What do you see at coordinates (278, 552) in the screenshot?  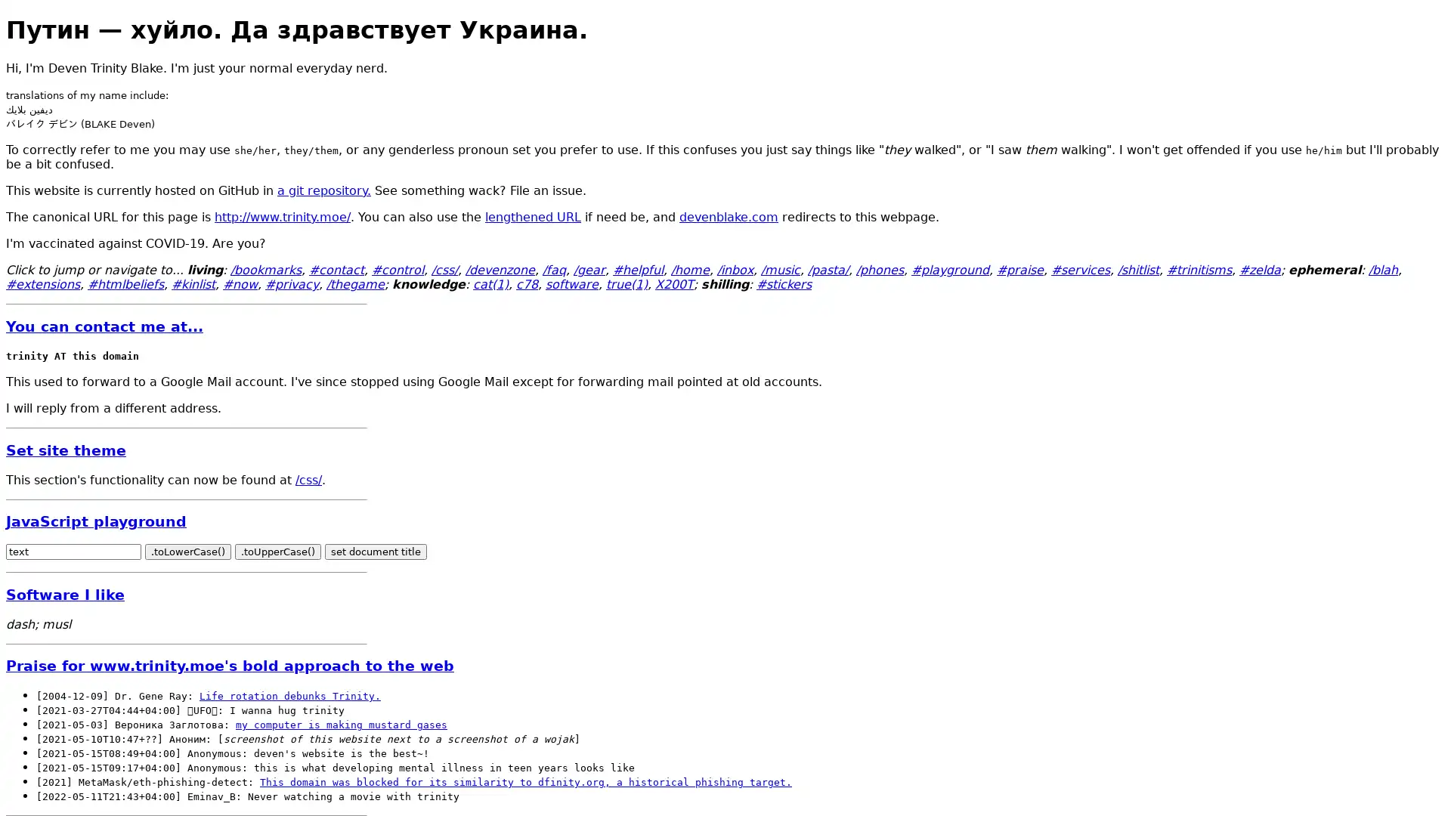 I see `.toUpperCase()` at bounding box center [278, 552].